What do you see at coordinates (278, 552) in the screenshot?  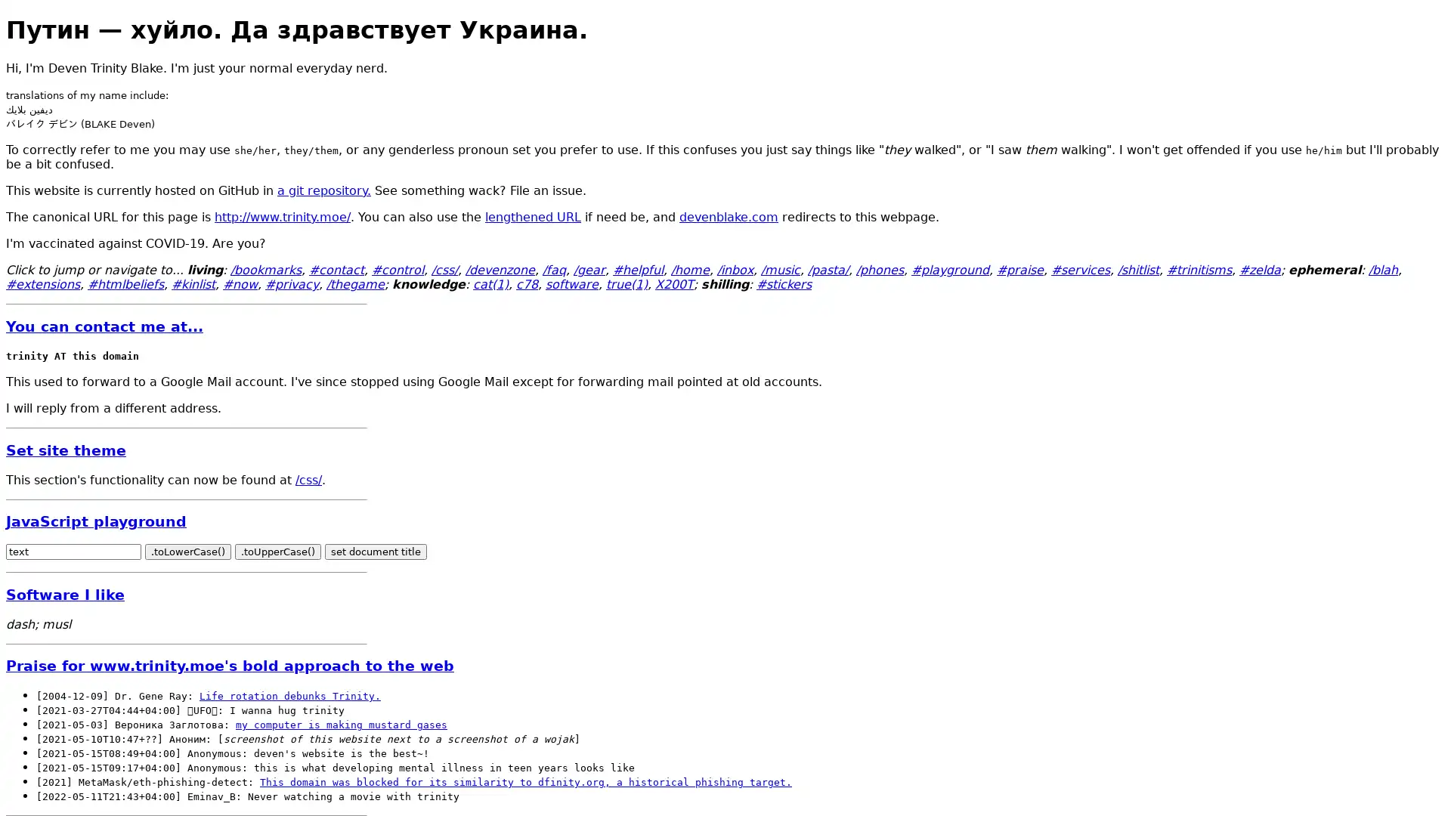 I see `.toUpperCase()` at bounding box center [278, 552].